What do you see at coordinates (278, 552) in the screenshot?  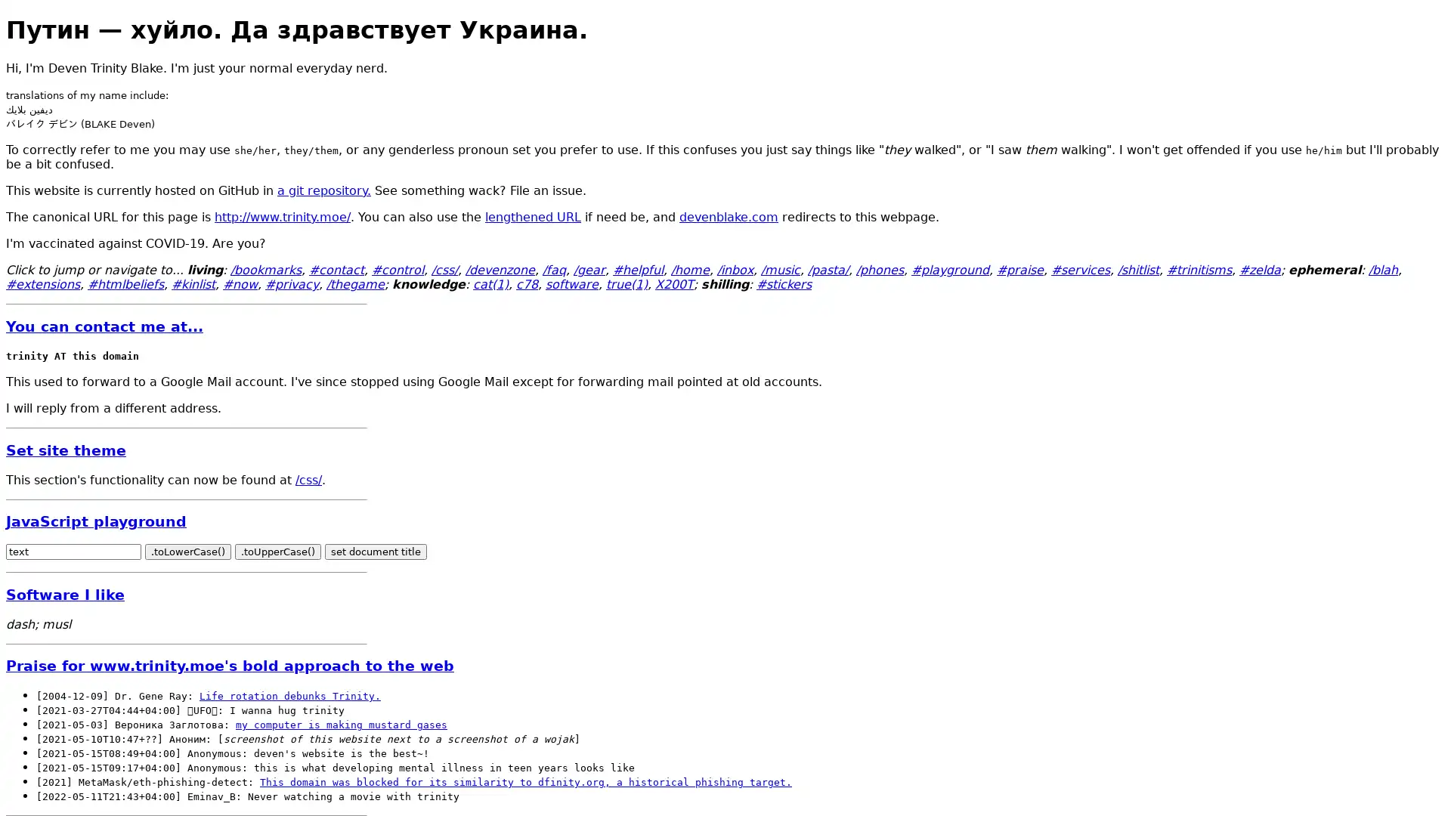 I see `.toUpperCase()` at bounding box center [278, 552].